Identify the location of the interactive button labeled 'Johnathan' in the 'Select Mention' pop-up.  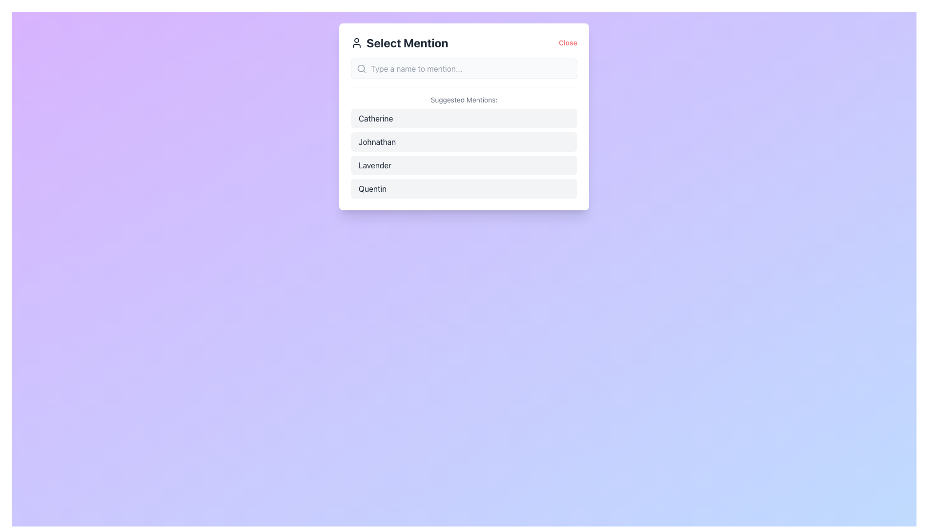
(463, 142).